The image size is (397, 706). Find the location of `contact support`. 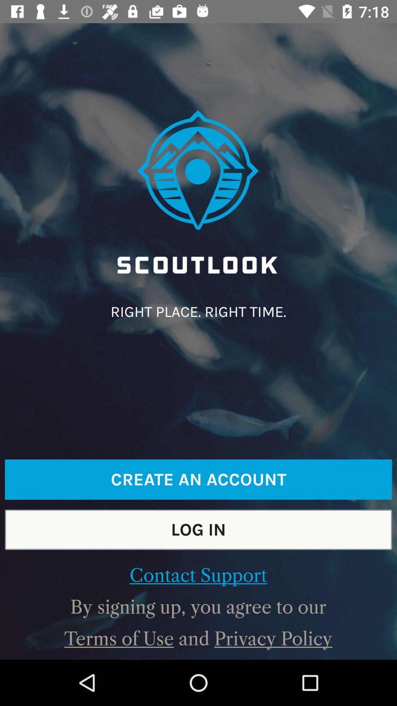

contact support is located at coordinates (198, 575).